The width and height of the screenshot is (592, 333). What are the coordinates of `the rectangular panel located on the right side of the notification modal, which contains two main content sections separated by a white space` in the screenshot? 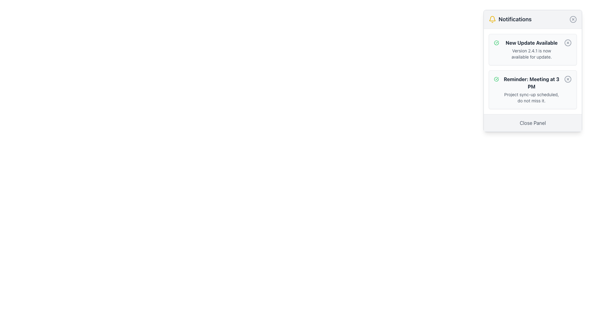 It's located at (532, 71).